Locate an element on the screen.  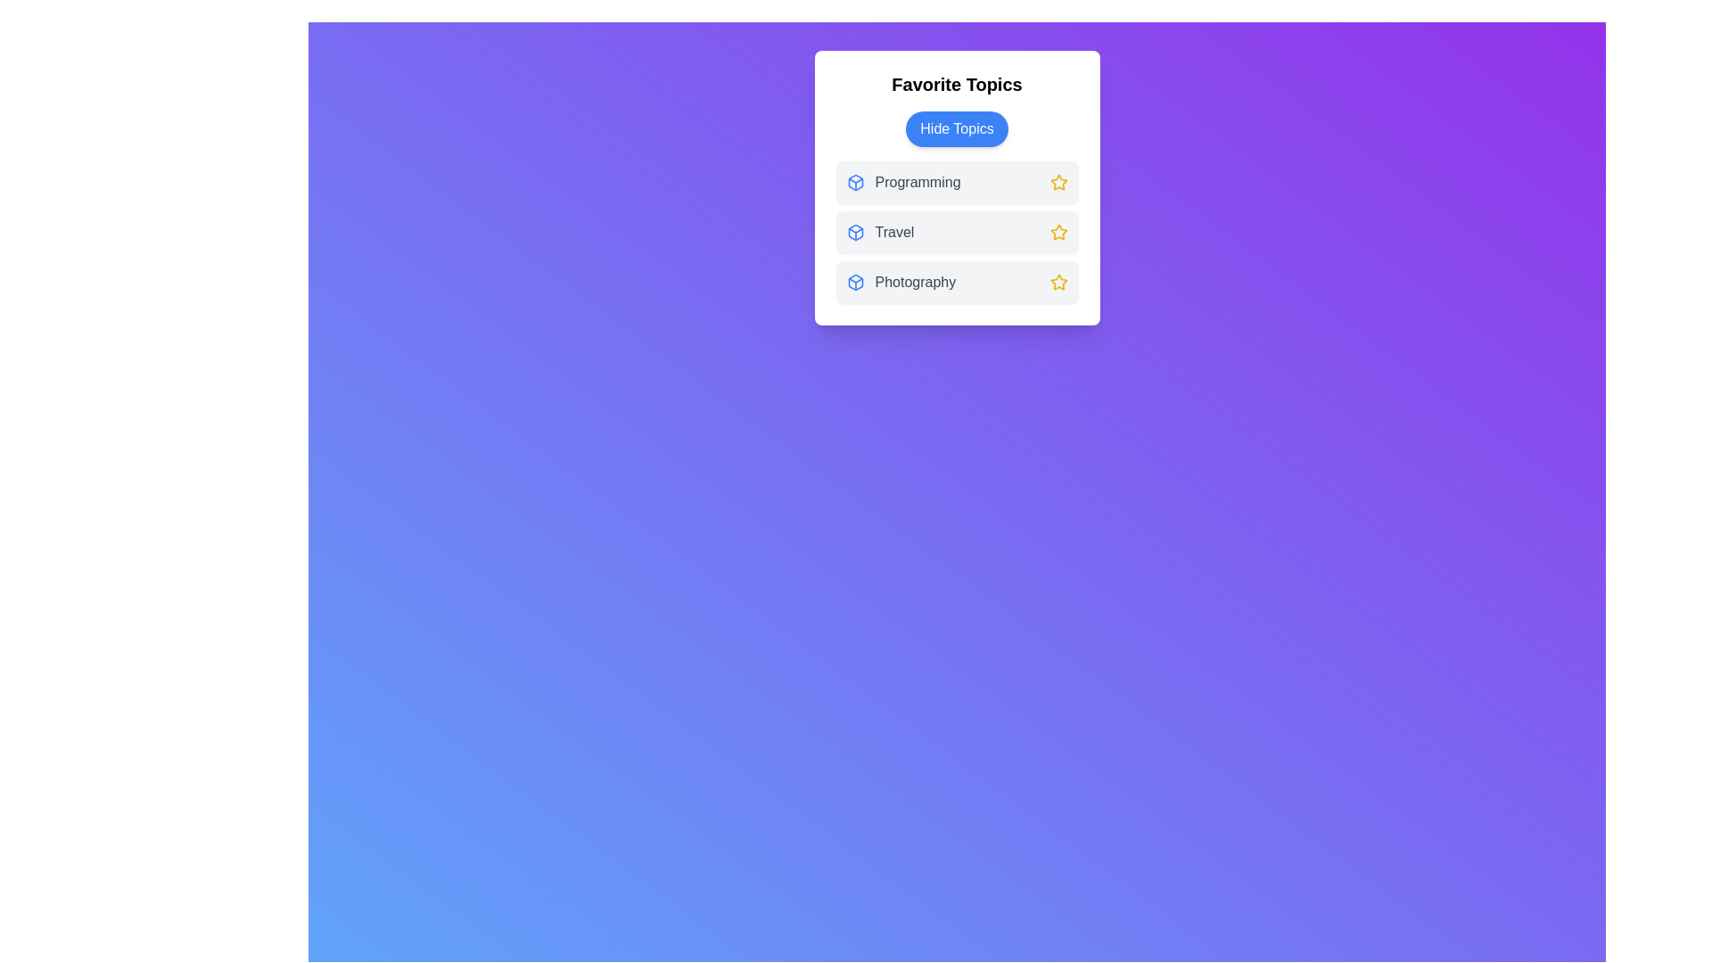
the second list item representing 'Travel' in a vertical list of topics, positioned between 'Programming' and 'Photography' is located at coordinates (956, 232).